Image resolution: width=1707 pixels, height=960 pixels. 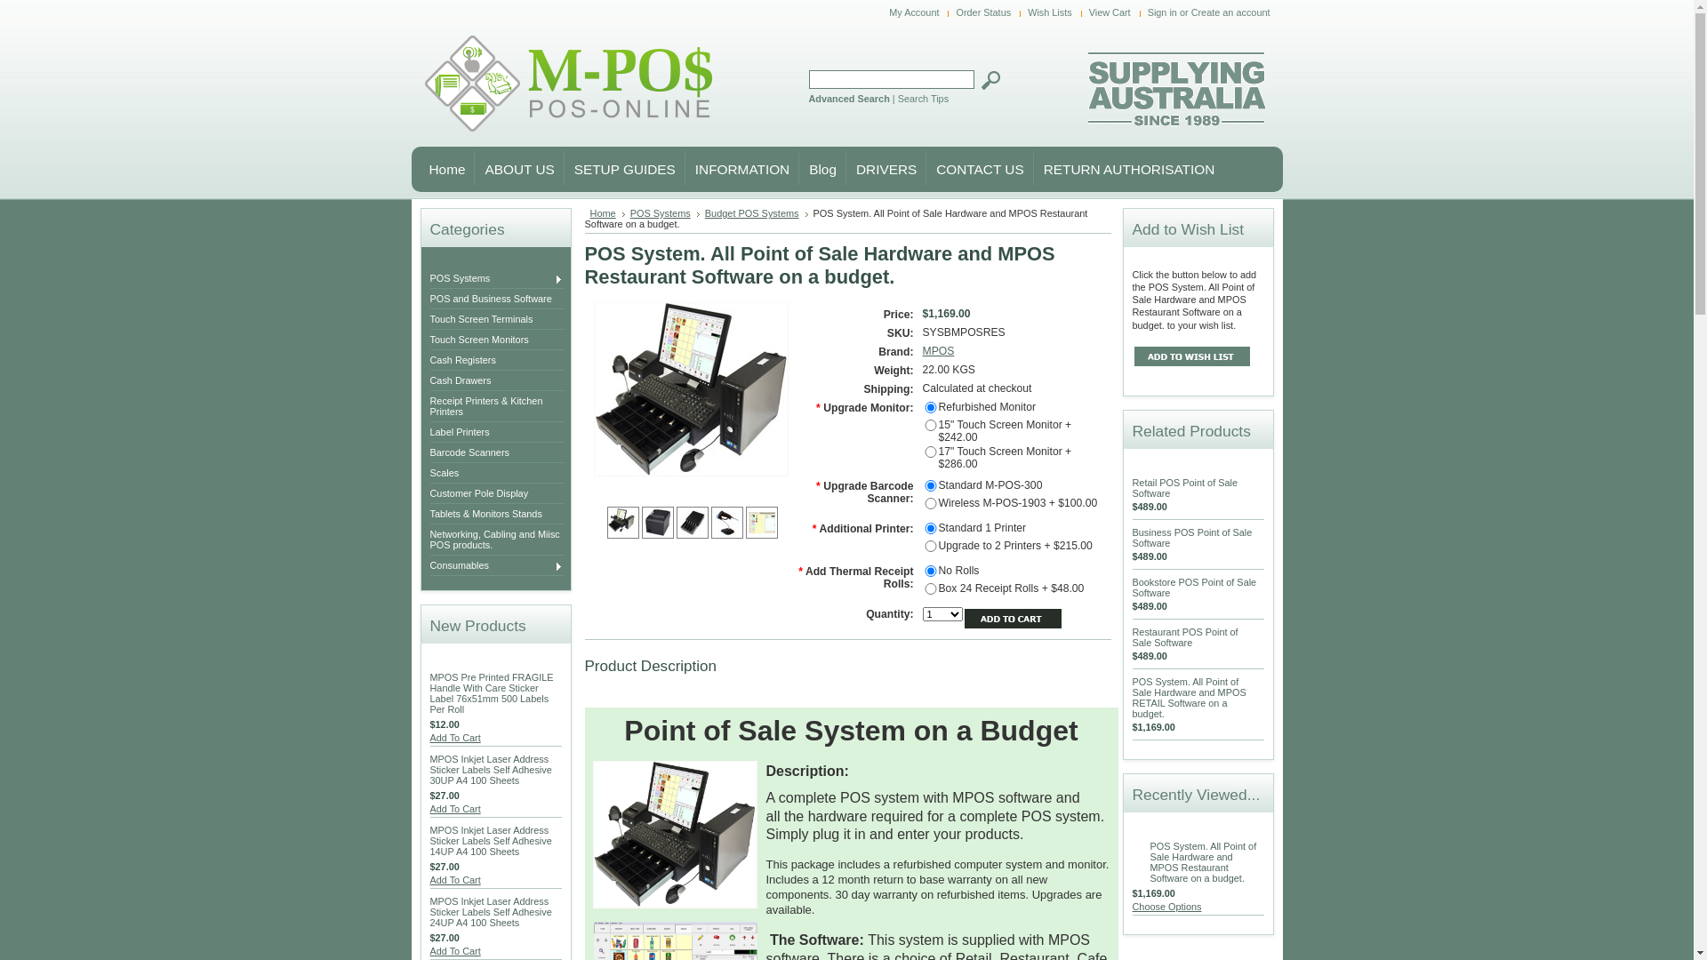 I want to click on 'Customer Pole Display', so click(x=499, y=493).